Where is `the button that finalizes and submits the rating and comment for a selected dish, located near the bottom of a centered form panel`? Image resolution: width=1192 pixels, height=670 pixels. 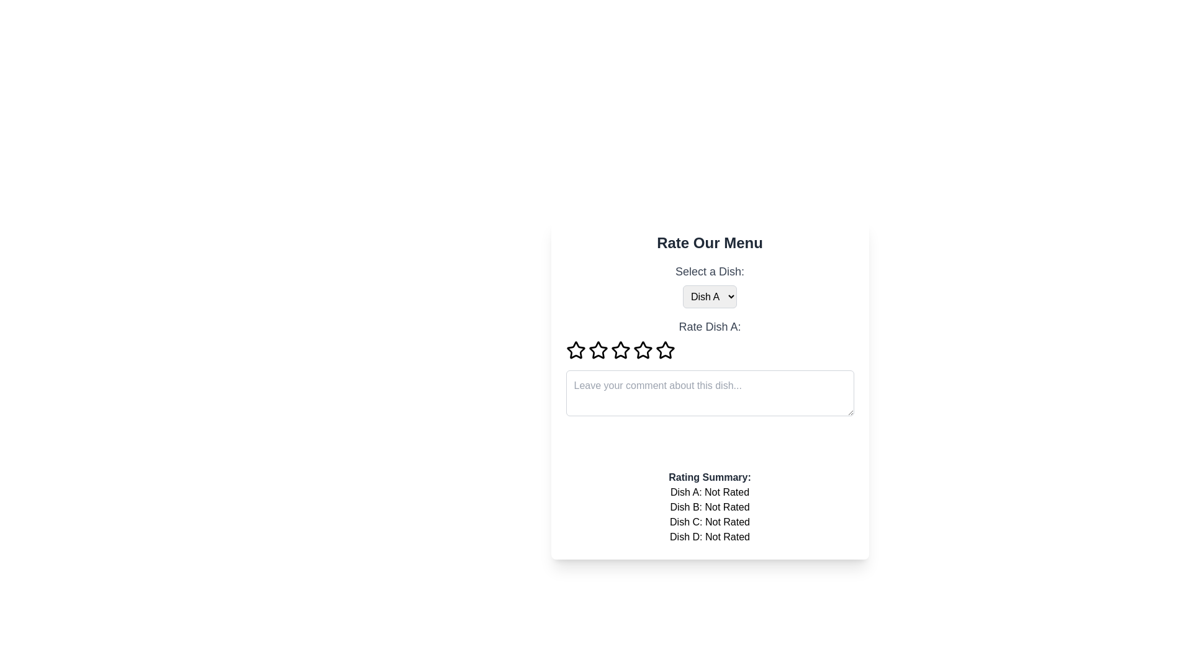 the button that finalizes and submits the rating and comment for a selected dish, located near the bottom of a centered form panel is located at coordinates (710, 442).